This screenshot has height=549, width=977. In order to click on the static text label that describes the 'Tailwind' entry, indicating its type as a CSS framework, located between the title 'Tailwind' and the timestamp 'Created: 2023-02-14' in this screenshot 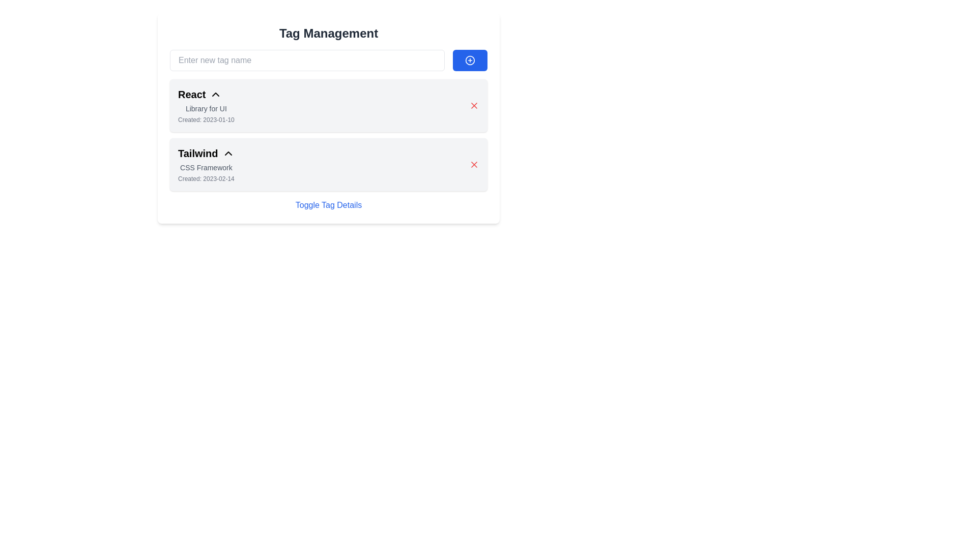, I will do `click(206, 167)`.